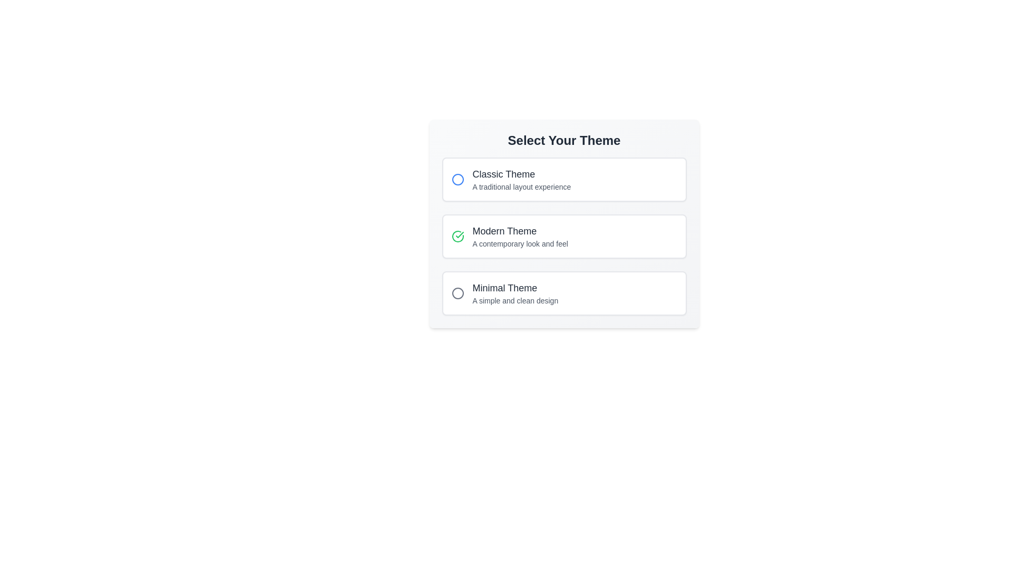 This screenshot has width=1012, height=569. I want to click on text of the Text Header that introduces the theme selection section, so click(563, 140).